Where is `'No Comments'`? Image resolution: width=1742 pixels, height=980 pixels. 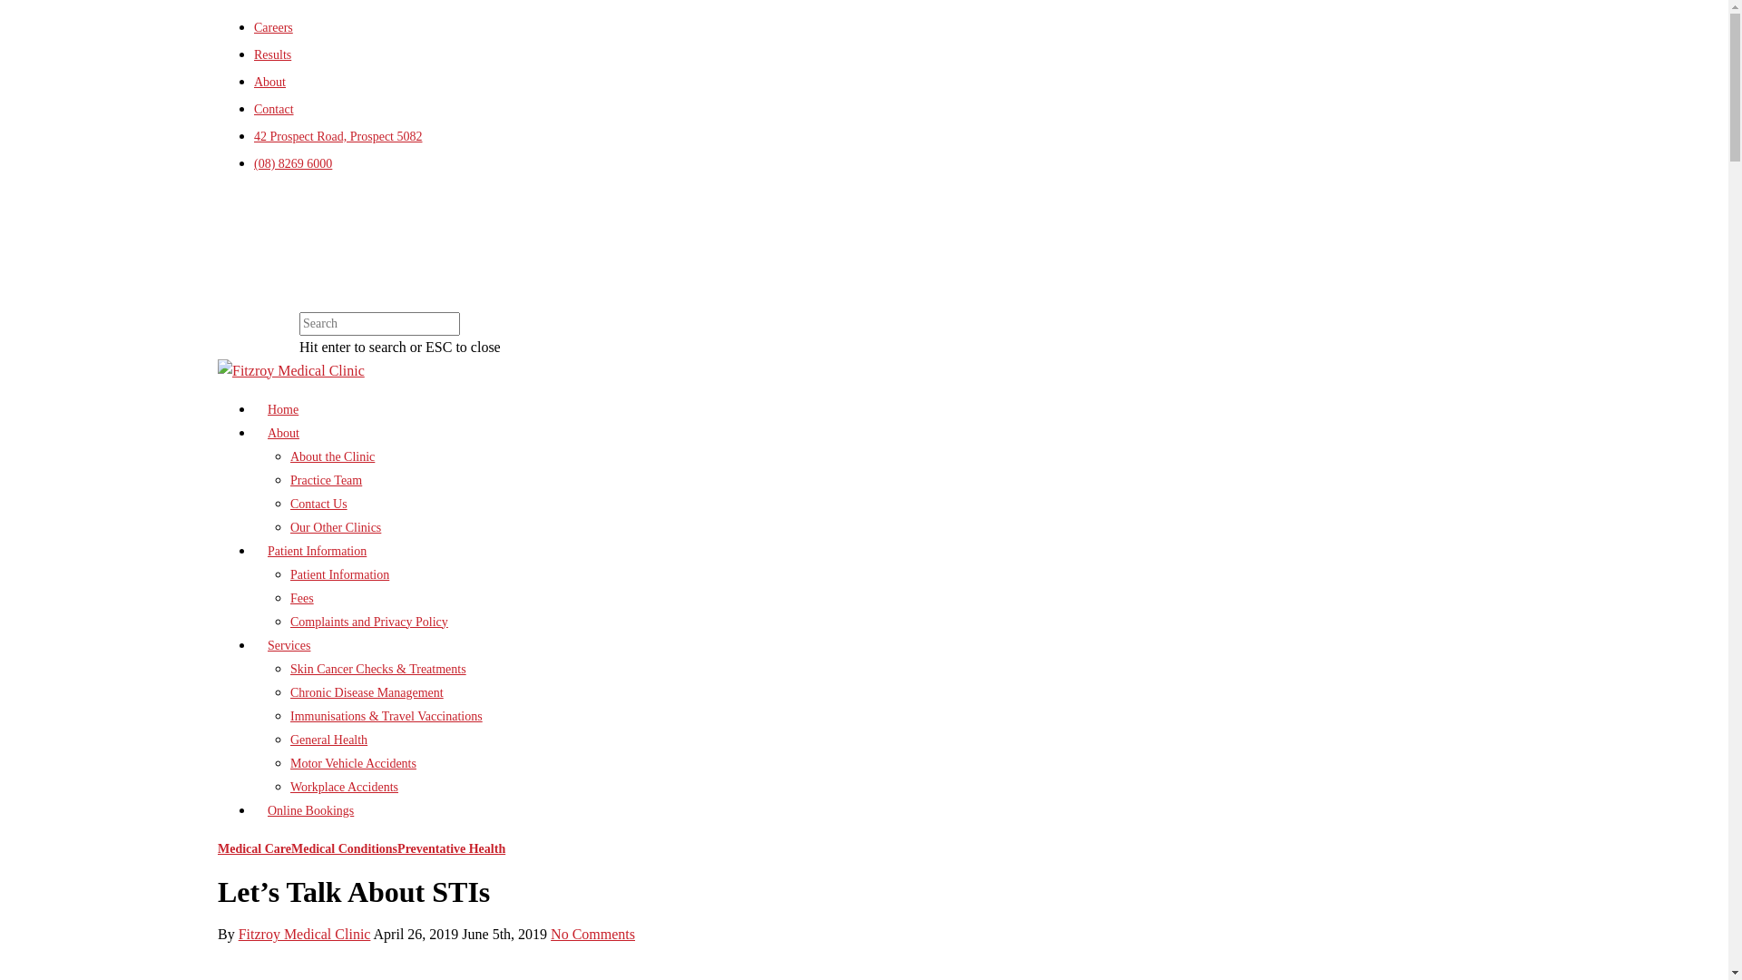
'No Comments' is located at coordinates (592, 934).